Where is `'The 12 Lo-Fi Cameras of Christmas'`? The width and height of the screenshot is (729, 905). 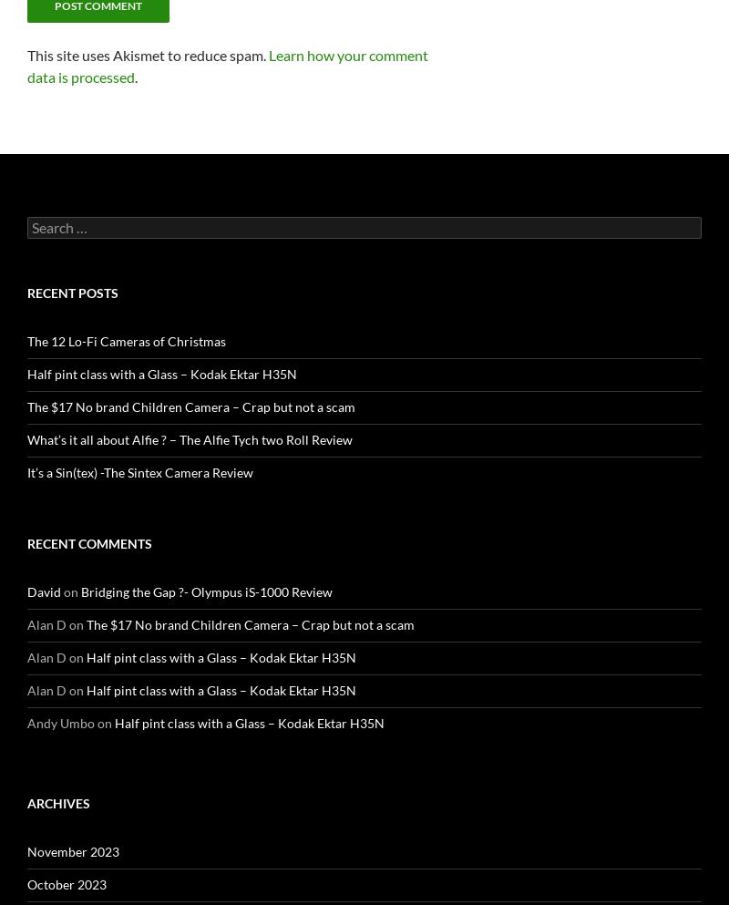 'The 12 Lo-Fi Cameras of Christmas' is located at coordinates (126, 340).